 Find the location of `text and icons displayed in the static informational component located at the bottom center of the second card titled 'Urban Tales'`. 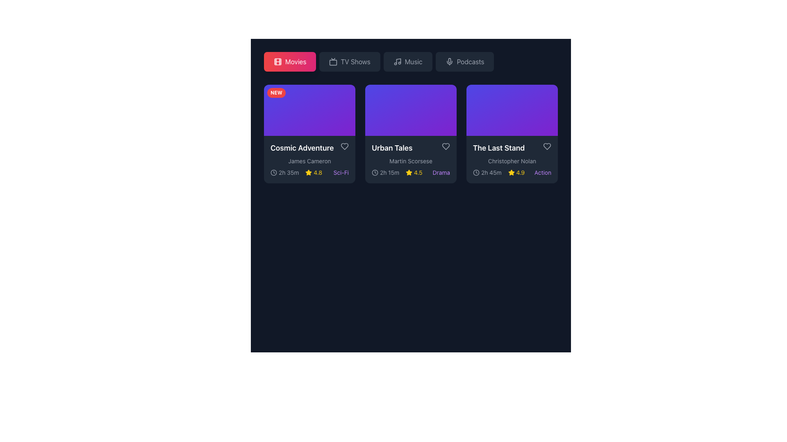

text and icons displayed in the static informational component located at the bottom center of the second card titled 'Urban Tales' is located at coordinates (397, 172).